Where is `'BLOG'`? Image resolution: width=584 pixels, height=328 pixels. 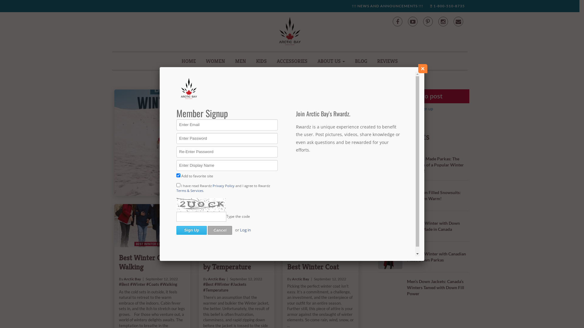 'BLOG' is located at coordinates (361, 61).